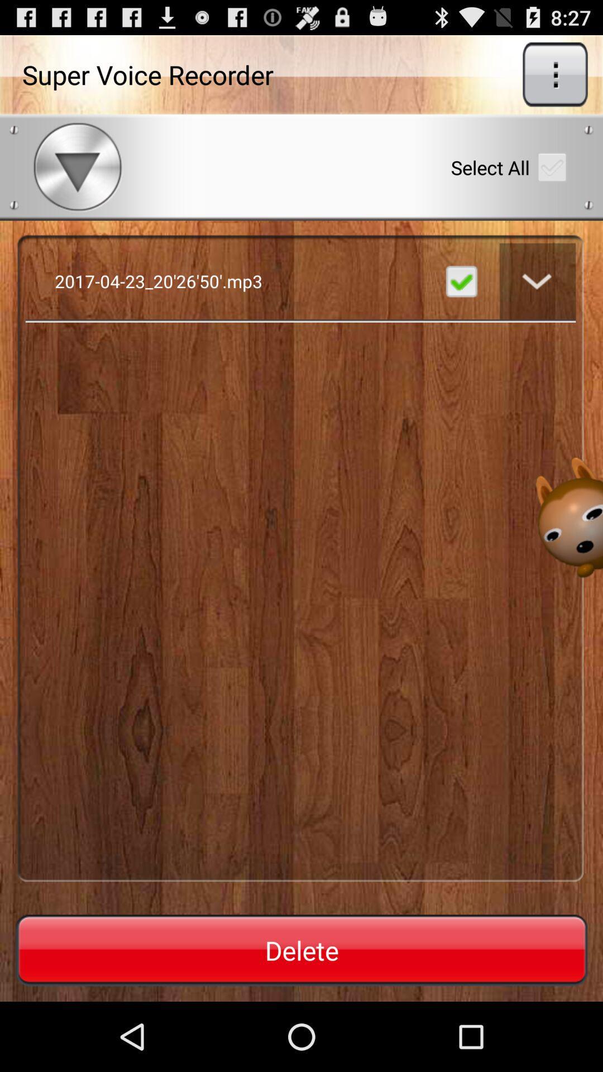  What do you see at coordinates (555, 79) in the screenshot?
I see `the more icon` at bounding box center [555, 79].